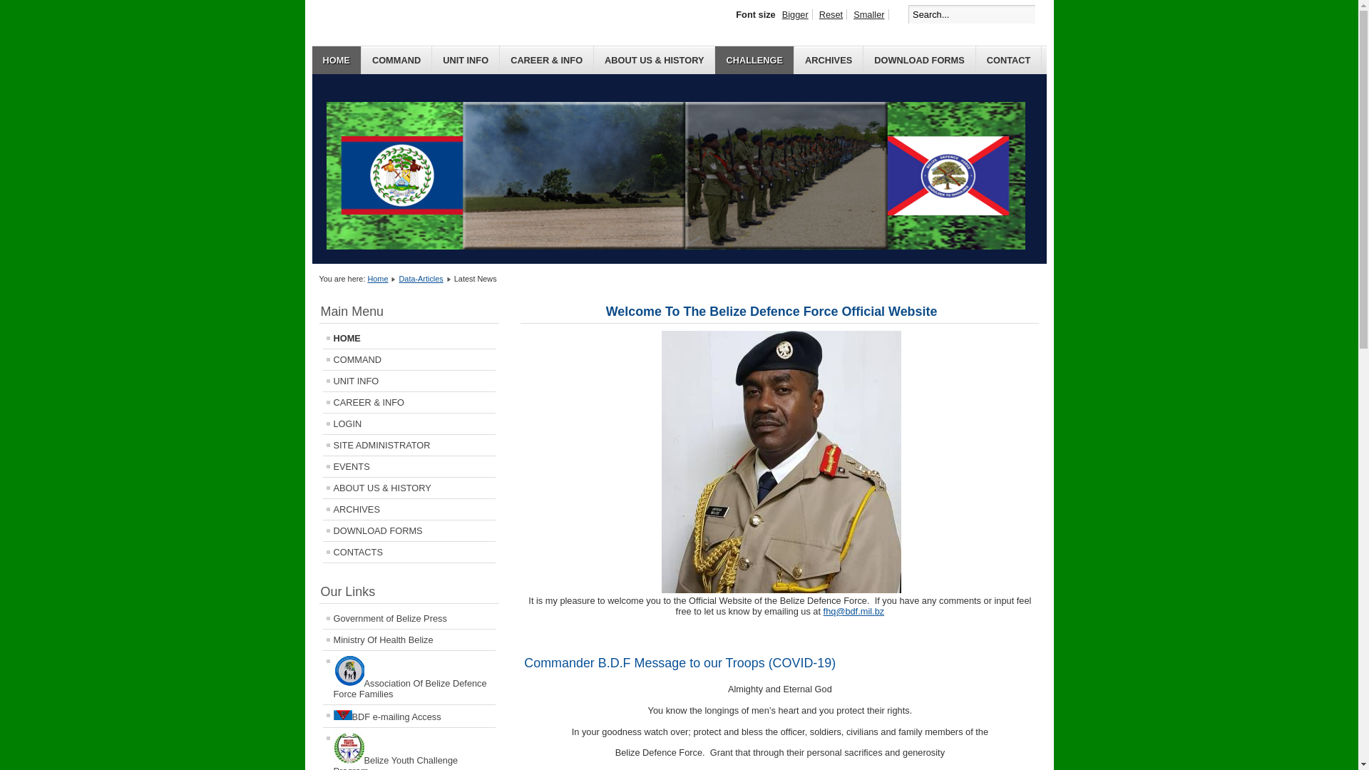 This screenshot has width=1369, height=770. I want to click on 'ARCHIVES', so click(321, 508).